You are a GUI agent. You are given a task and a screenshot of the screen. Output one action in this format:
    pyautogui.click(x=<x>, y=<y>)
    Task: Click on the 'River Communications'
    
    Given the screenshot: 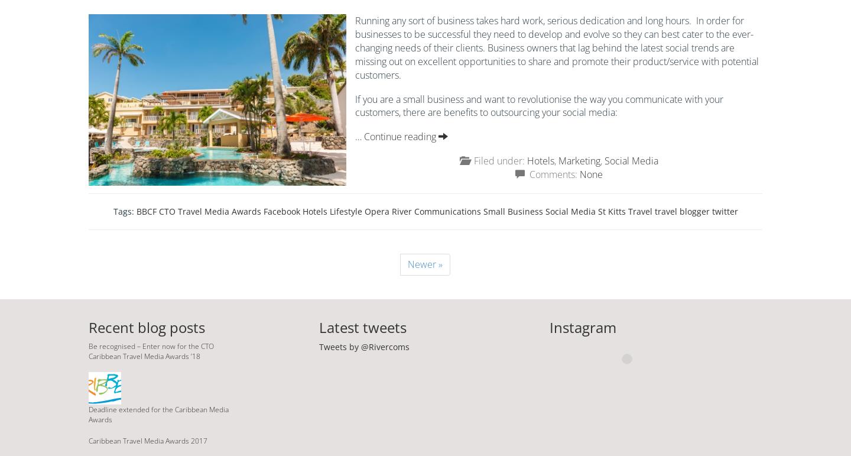 What is the action you would take?
    pyautogui.click(x=435, y=211)
    